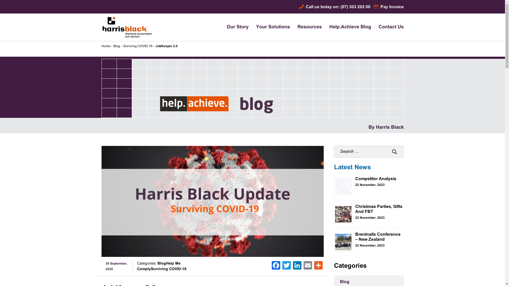  I want to click on 'LinkedIn', so click(297, 266).